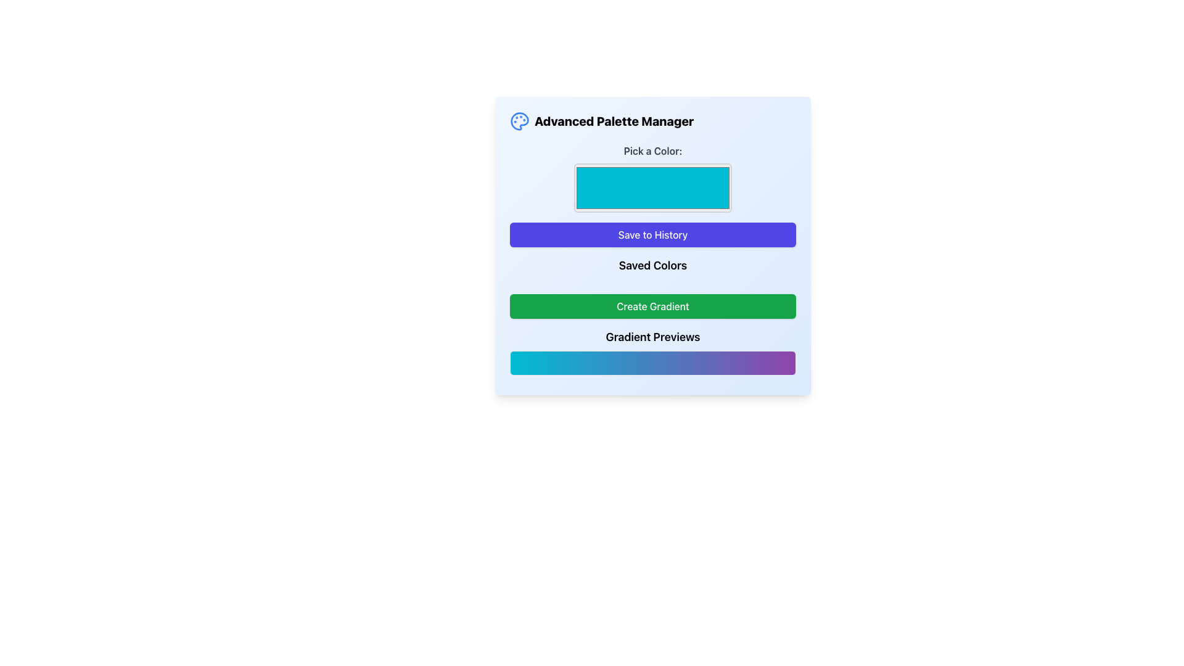 Image resolution: width=1184 pixels, height=666 pixels. I want to click on the vector graphic palette located in the top left corner of the interface, next to the title 'Advanced Palette Manager', so click(520, 121).